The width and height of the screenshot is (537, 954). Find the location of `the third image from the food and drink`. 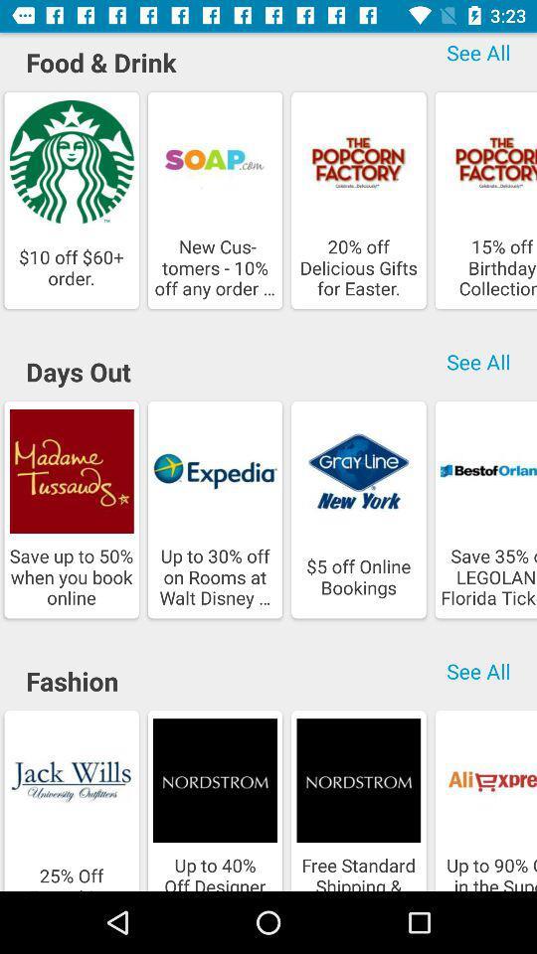

the third image from the food and drink is located at coordinates (357, 161).